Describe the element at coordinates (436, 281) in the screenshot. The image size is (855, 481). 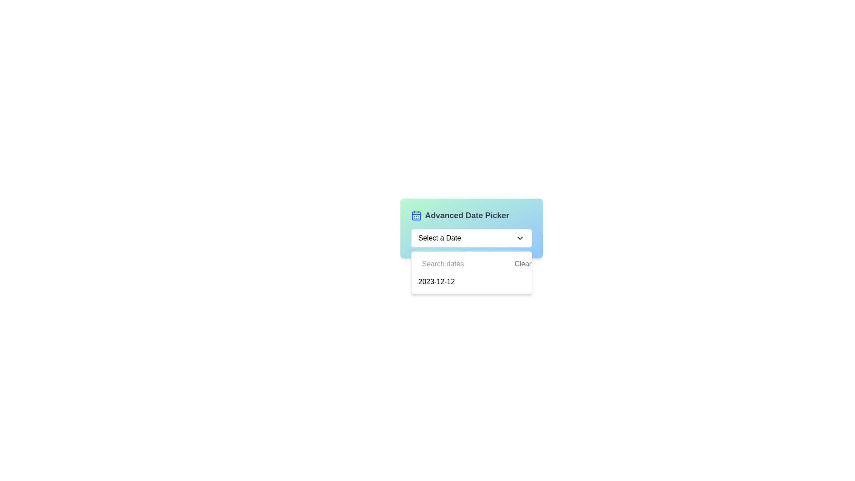
I see `the text displaying the date '2023-12-12' in the dropdown menu under the 'Select a Date' field` at that location.